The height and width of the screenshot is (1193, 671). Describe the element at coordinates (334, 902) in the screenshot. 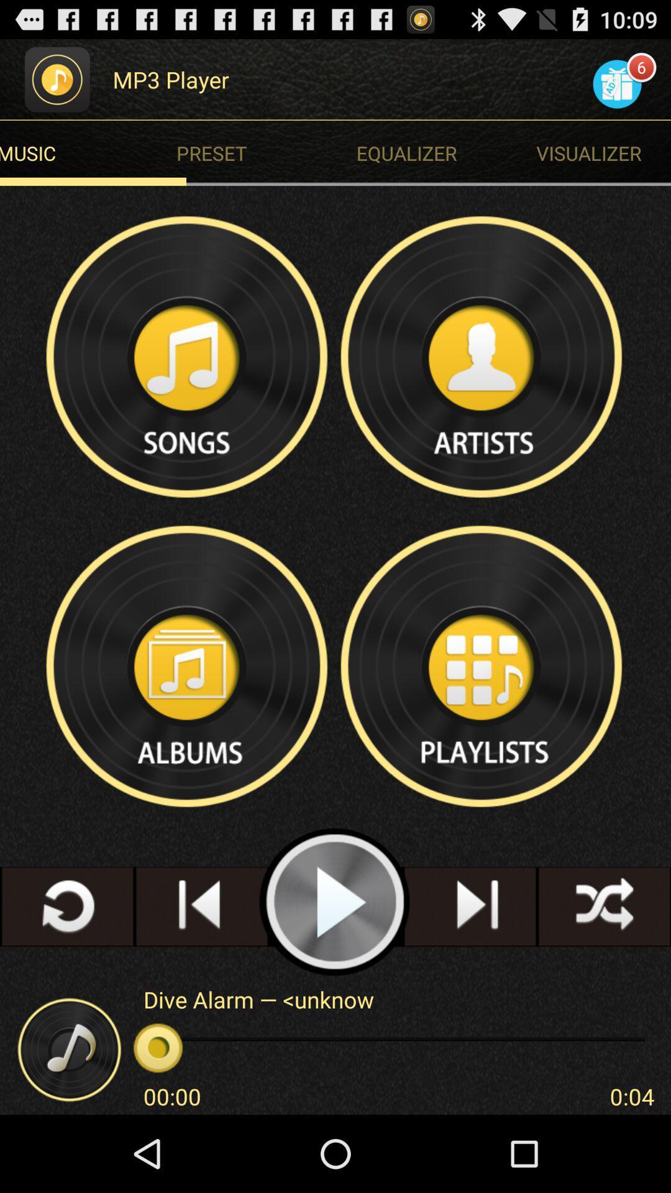

I see `shows play icon` at that location.